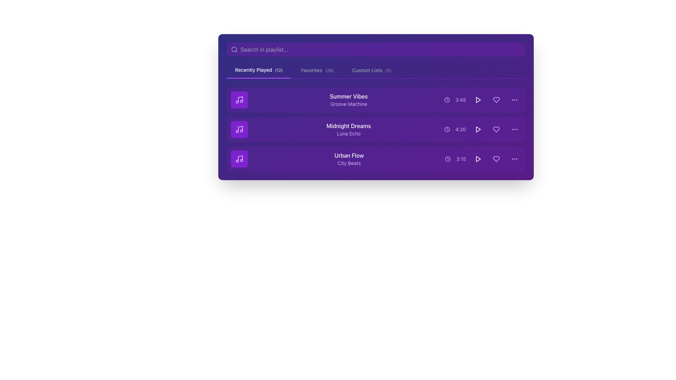 This screenshot has height=380, width=676. What do you see at coordinates (349, 129) in the screenshot?
I see `the text display element showing the song title 'Midnight Dreams' by 'Luna Echo'` at bounding box center [349, 129].